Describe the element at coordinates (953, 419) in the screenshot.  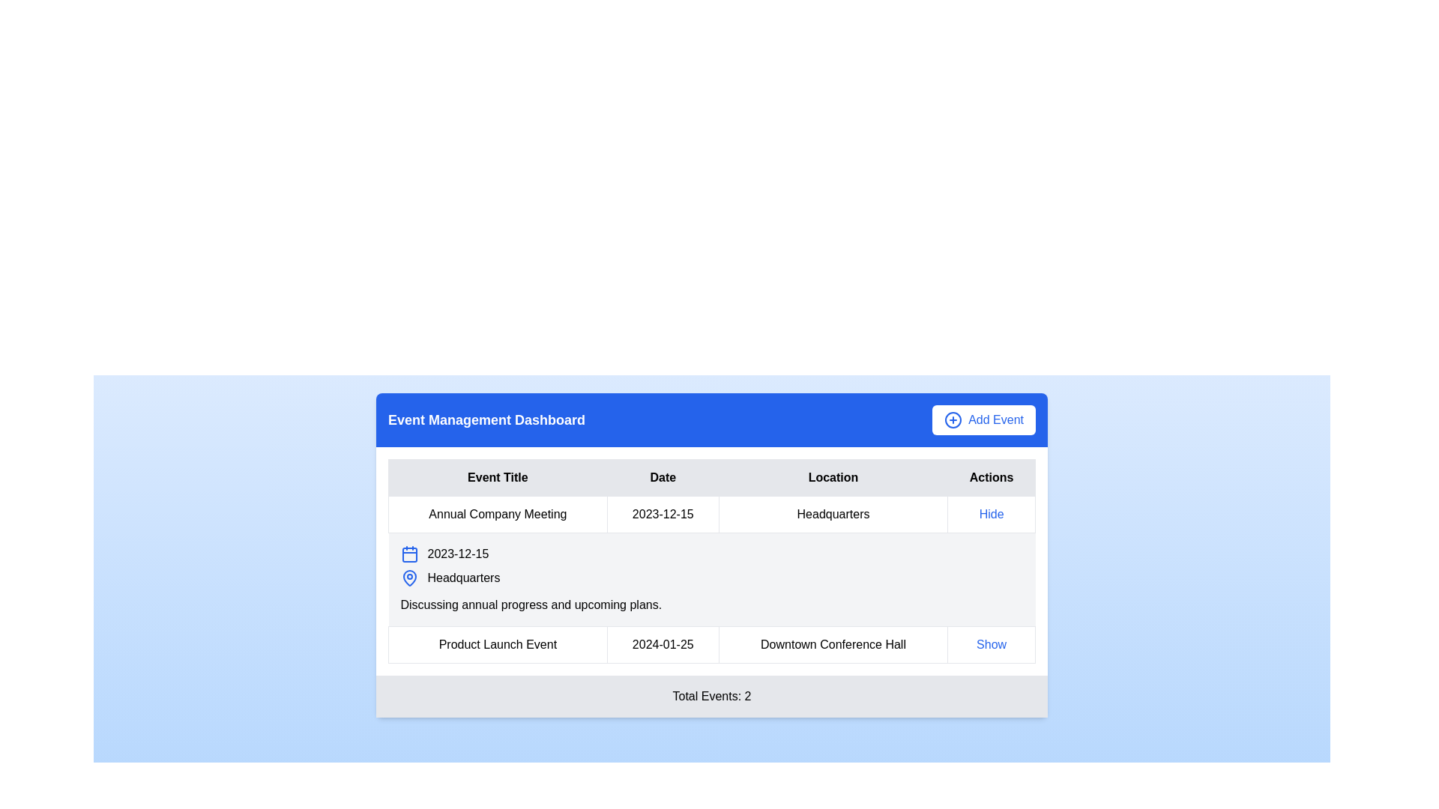
I see `the leading circular icon with a blue outline and plus symbol in the top-right corner of the interface` at that location.